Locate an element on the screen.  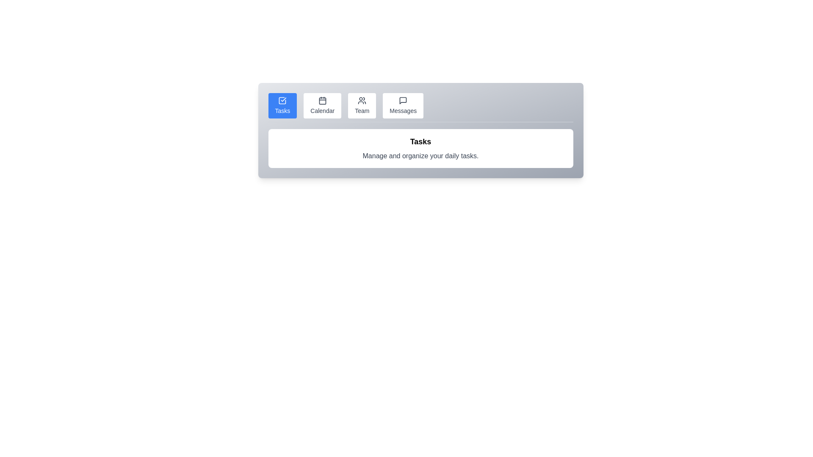
the Tasks tab by clicking its button is located at coordinates (282, 105).